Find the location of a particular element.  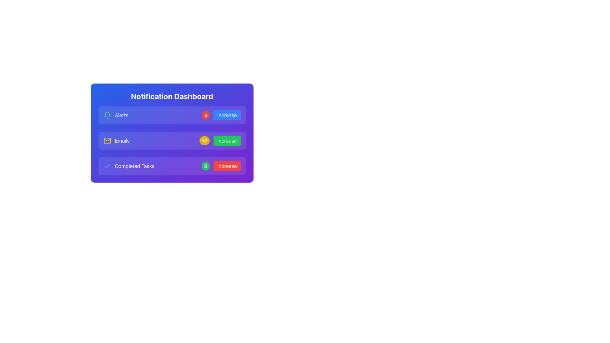

the header label for the 'Notification Dashboard' which is centrally aligned at the top of the main dashboard card is located at coordinates (172, 96).